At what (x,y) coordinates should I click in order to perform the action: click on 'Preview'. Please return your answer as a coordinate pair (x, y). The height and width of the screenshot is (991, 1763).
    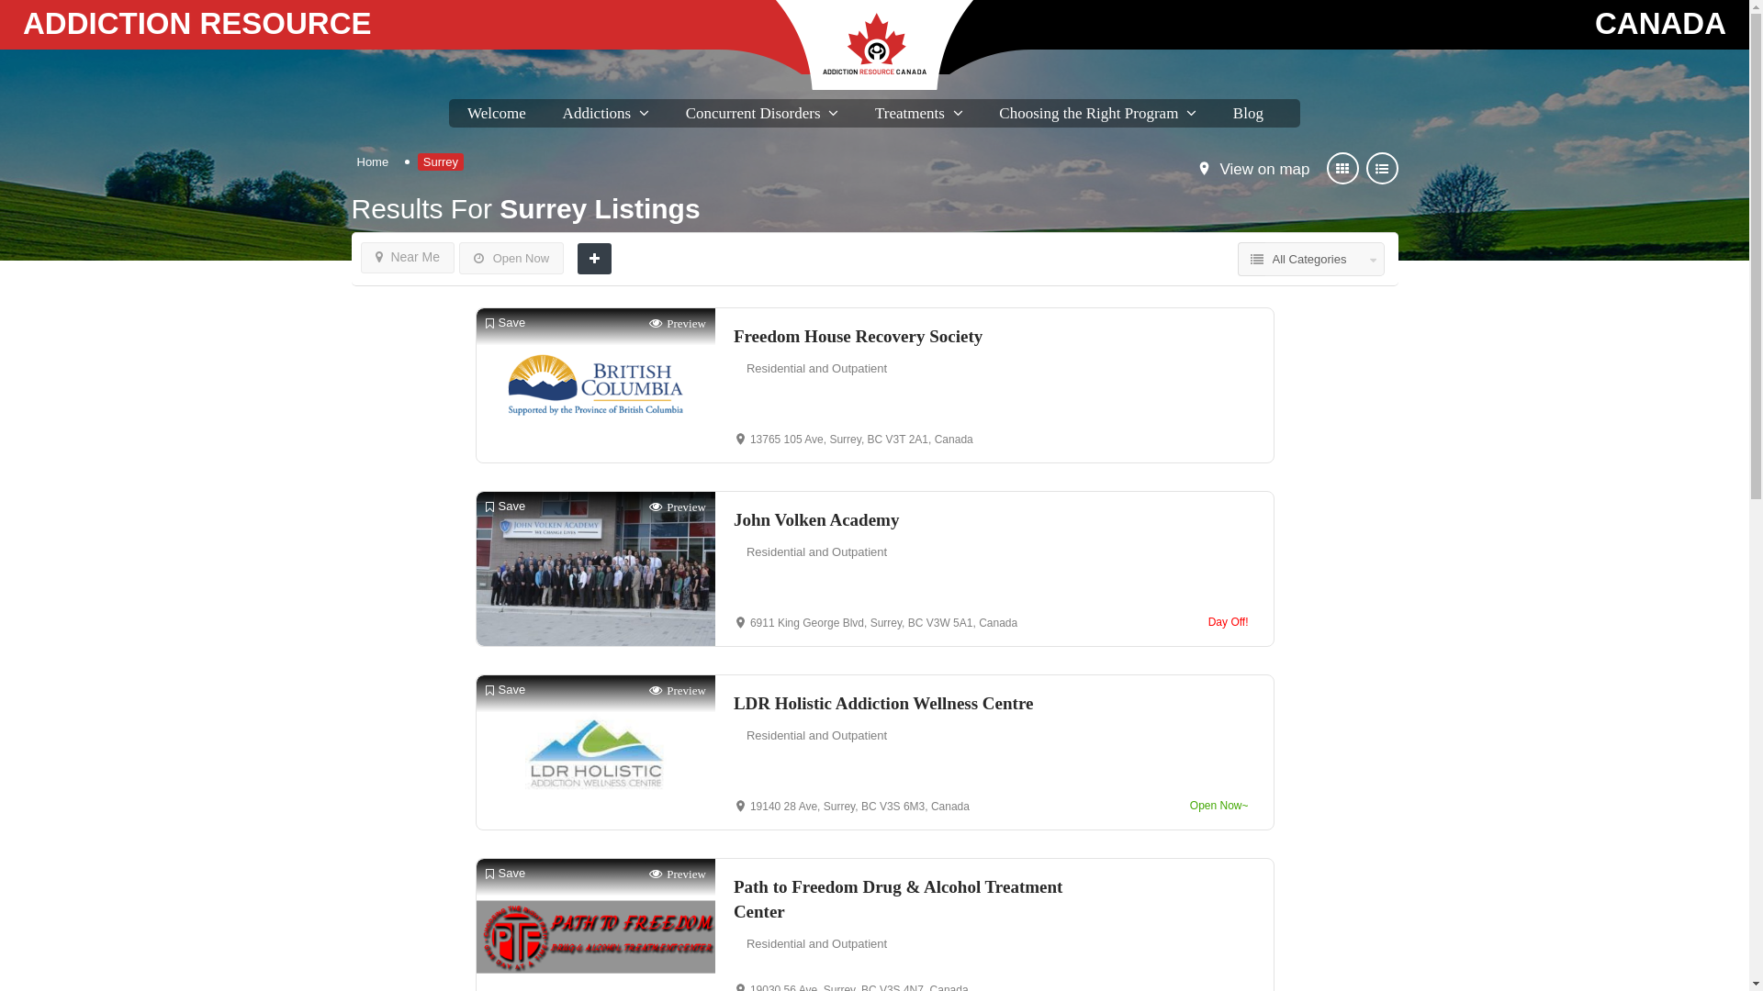
    Looking at the image, I should click on (648, 322).